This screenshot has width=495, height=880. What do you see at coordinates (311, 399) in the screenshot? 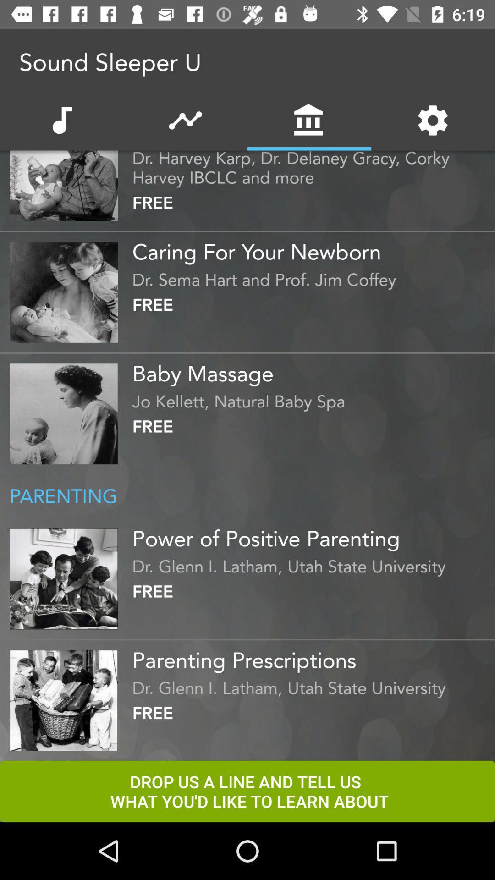
I see `the jo kellett natural icon` at bounding box center [311, 399].